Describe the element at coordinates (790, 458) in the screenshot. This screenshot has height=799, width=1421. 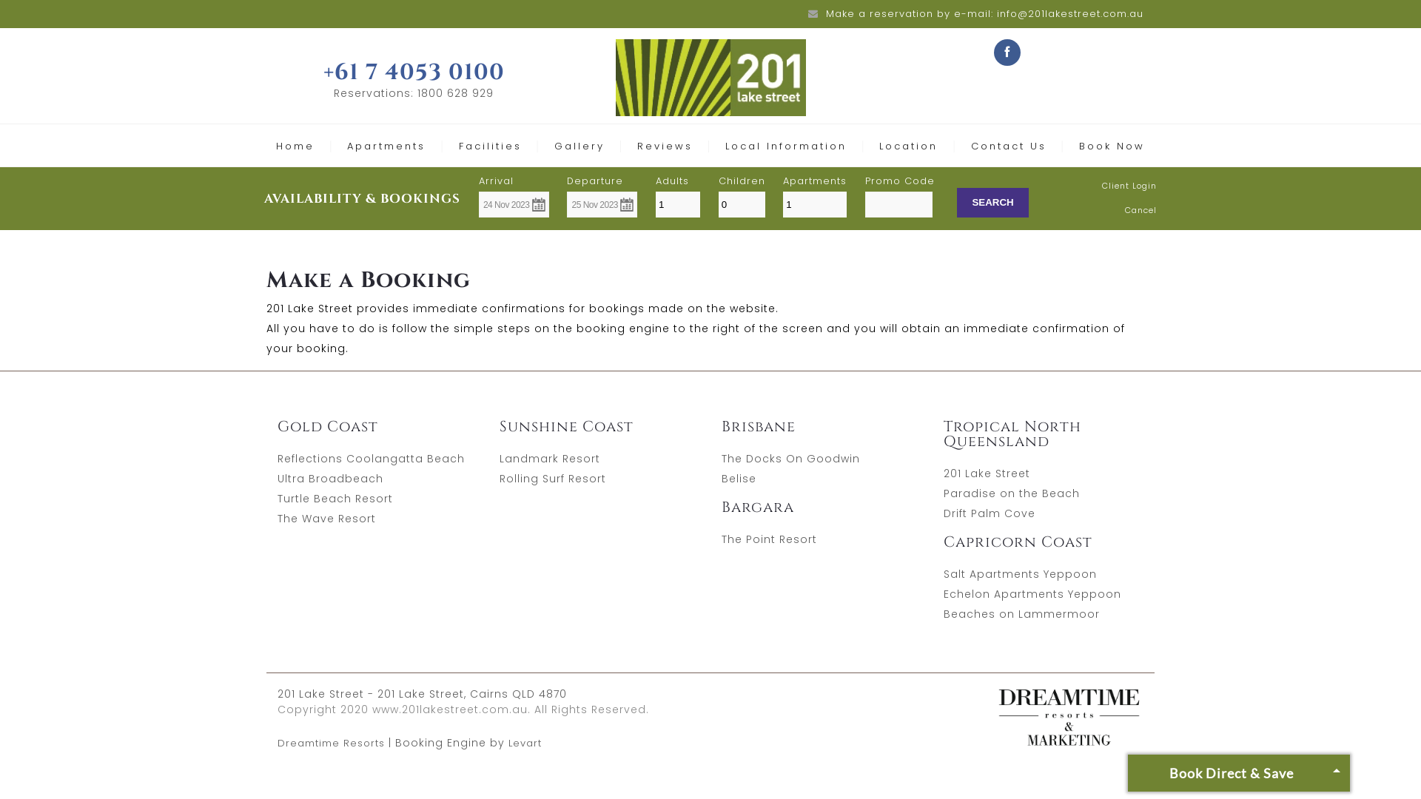
I see `'The Docks On Goodwin'` at that location.